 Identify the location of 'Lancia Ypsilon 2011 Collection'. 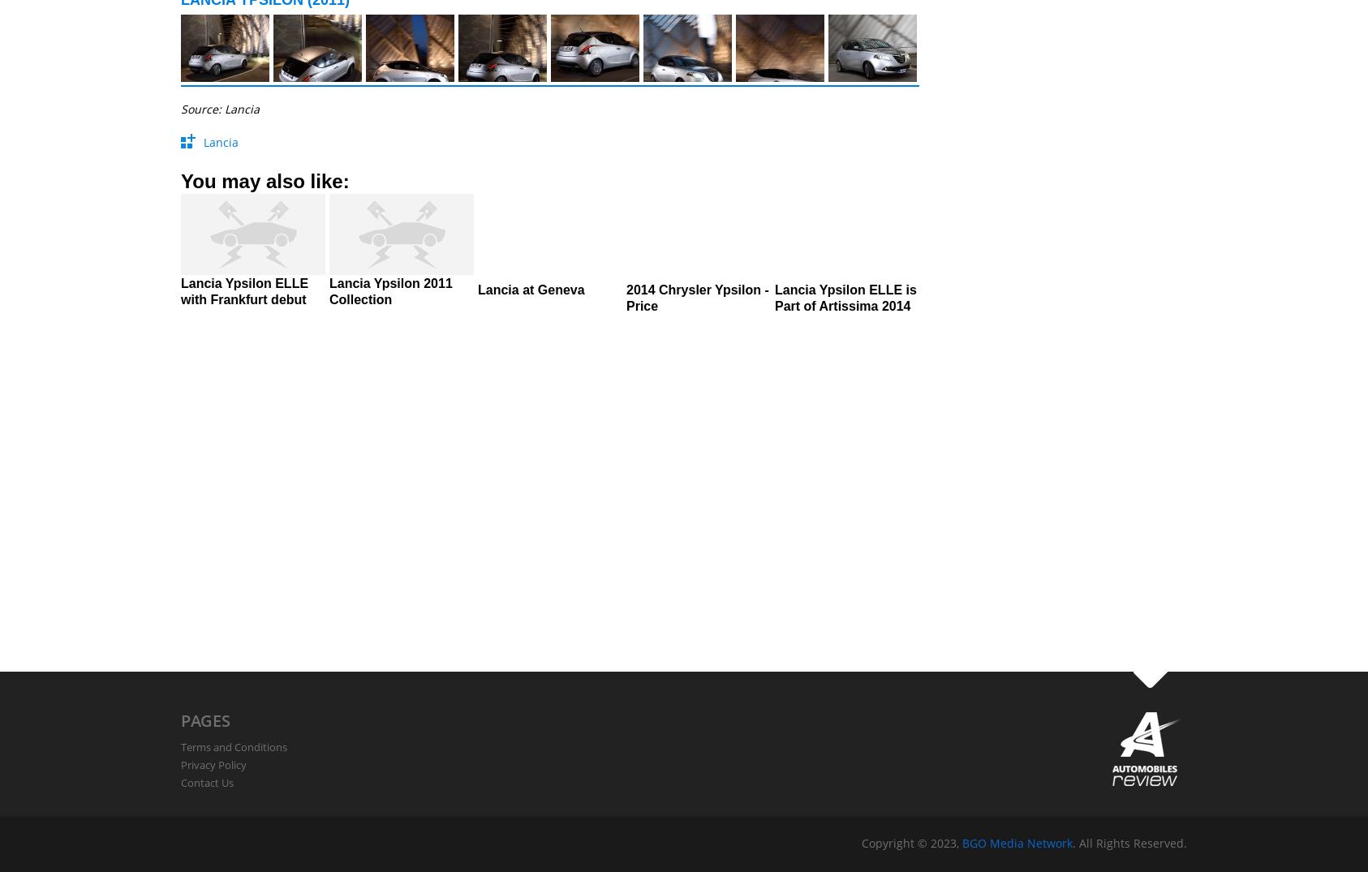
(390, 291).